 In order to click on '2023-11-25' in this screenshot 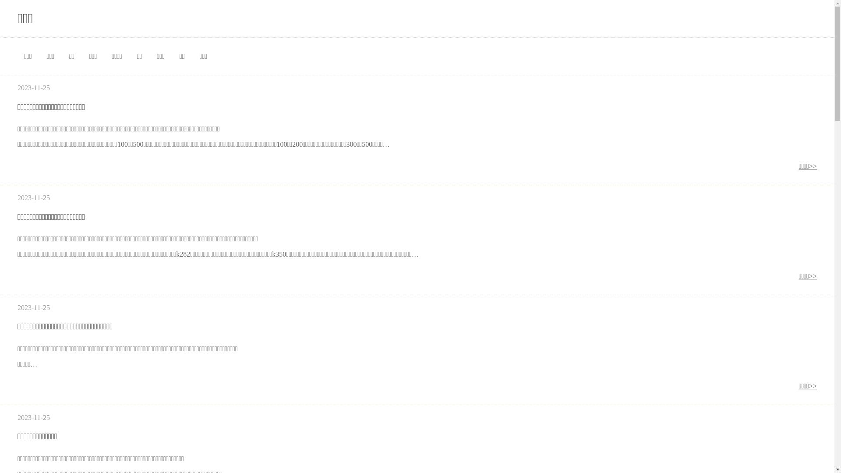, I will do `click(33, 198)`.